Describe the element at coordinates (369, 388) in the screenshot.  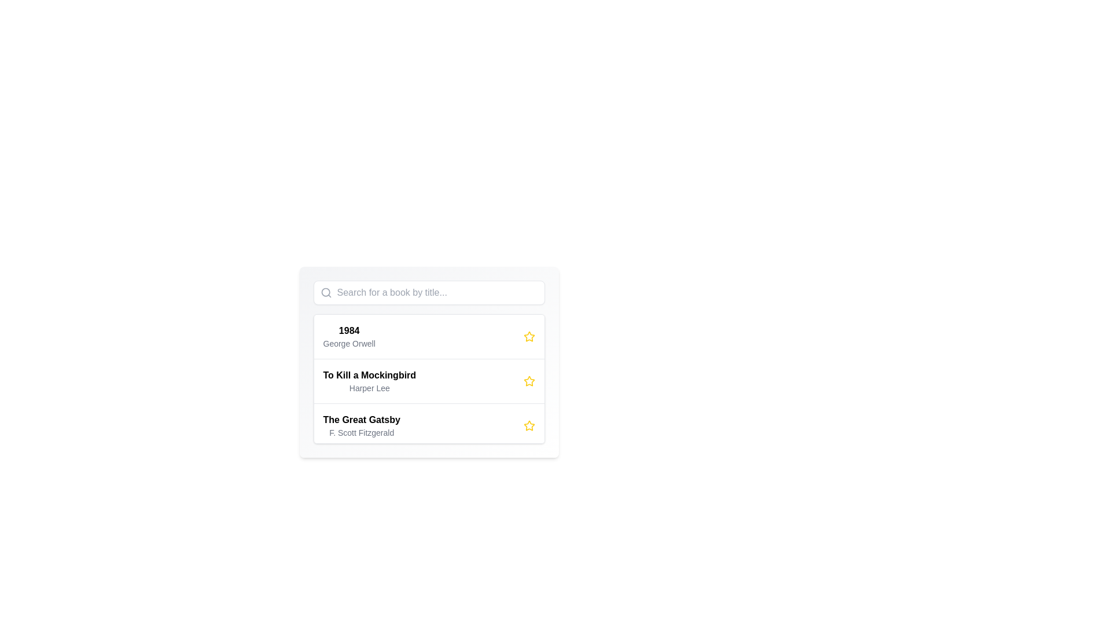
I see `the text display element that shows the author's name, located below the title 'To Kill a Mockingbird.'` at that location.